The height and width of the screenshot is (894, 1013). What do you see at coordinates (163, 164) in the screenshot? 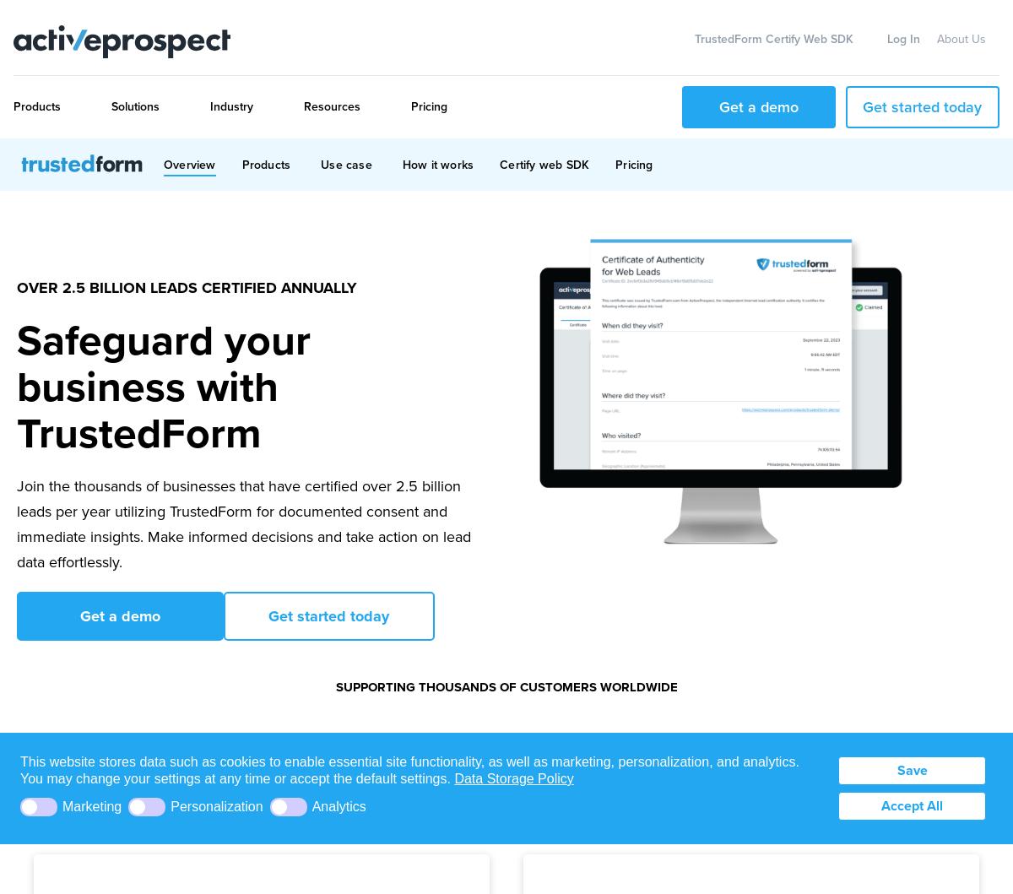
I see `'Overview'` at bounding box center [163, 164].